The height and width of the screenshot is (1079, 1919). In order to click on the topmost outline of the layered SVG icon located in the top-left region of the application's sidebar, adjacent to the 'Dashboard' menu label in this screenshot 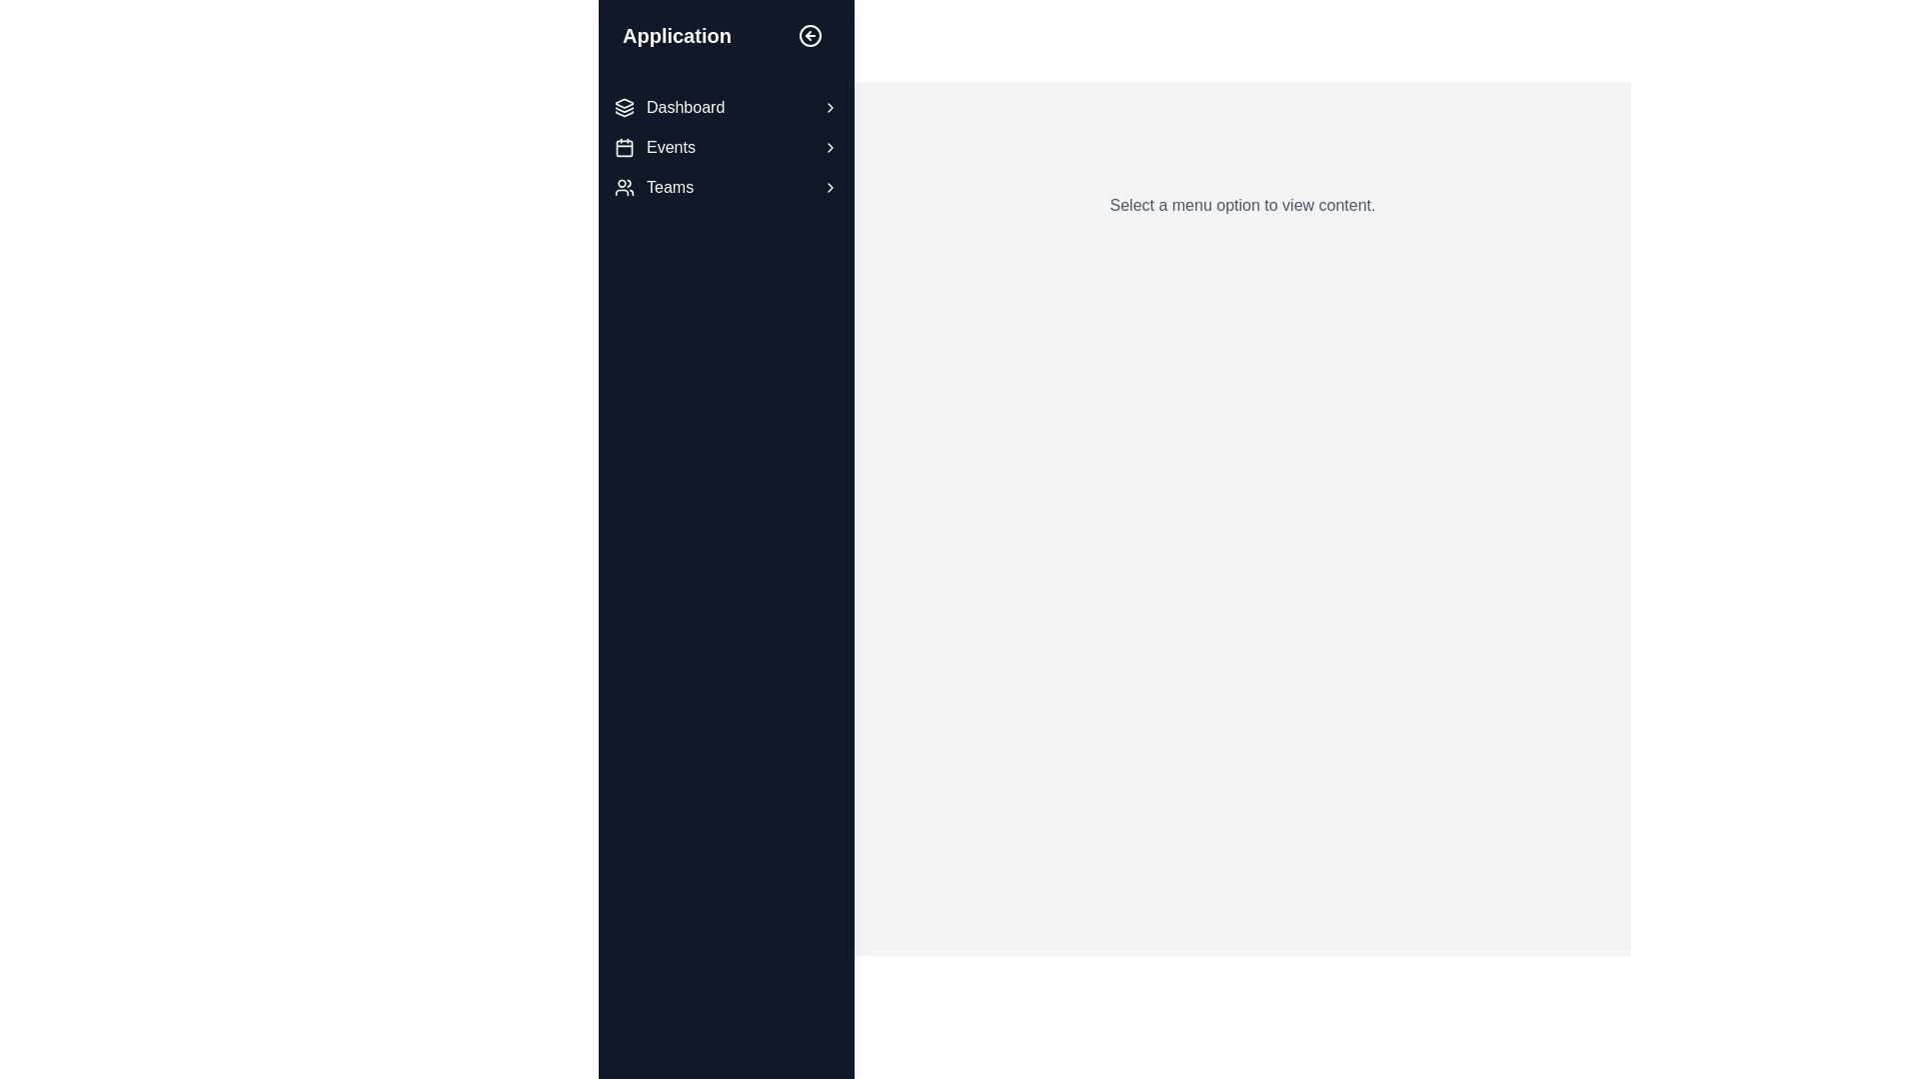, I will do `click(623, 103)`.